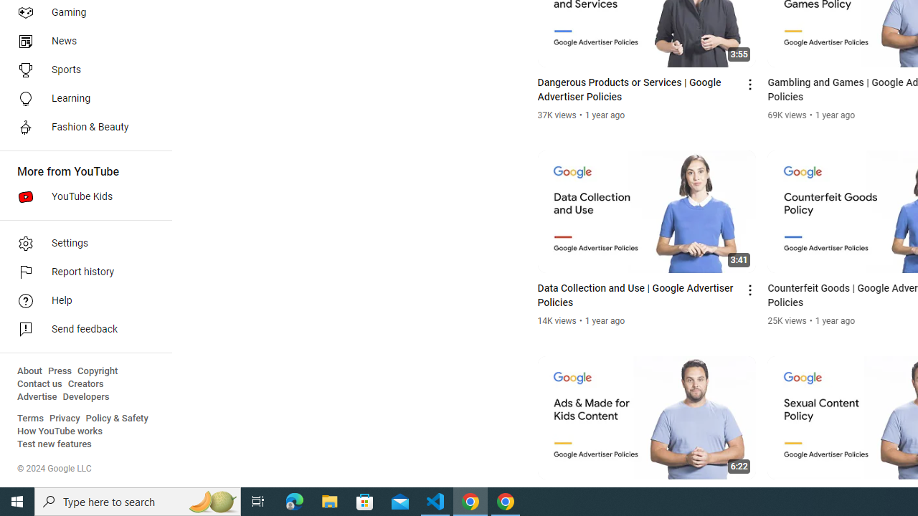 This screenshot has height=516, width=918. What do you see at coordinates (85, 397) in the screenshot?
I see `'Developers'` at bounding box center [85, 397].